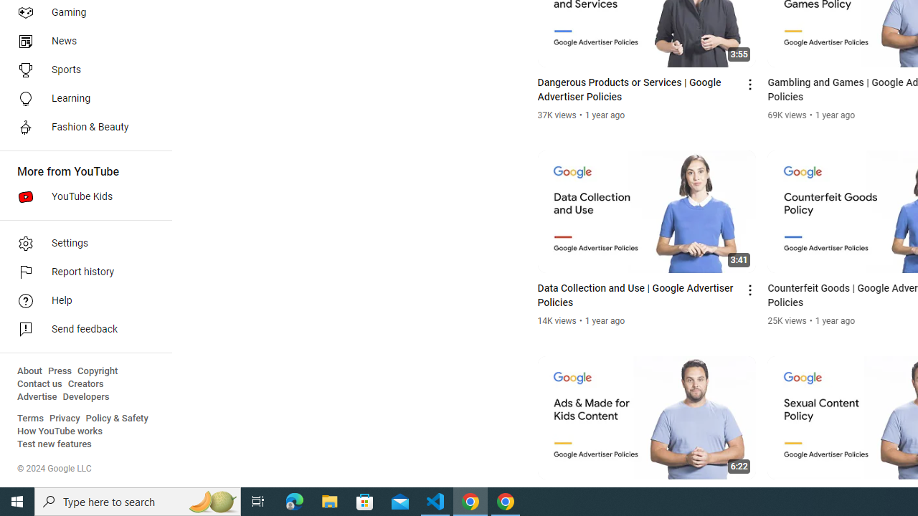 This screenshot has height=516, width=918. What do you see at coordinates (85, 397) in the screenshot?
I see `'Developers'` at bounding box center [85, 397].